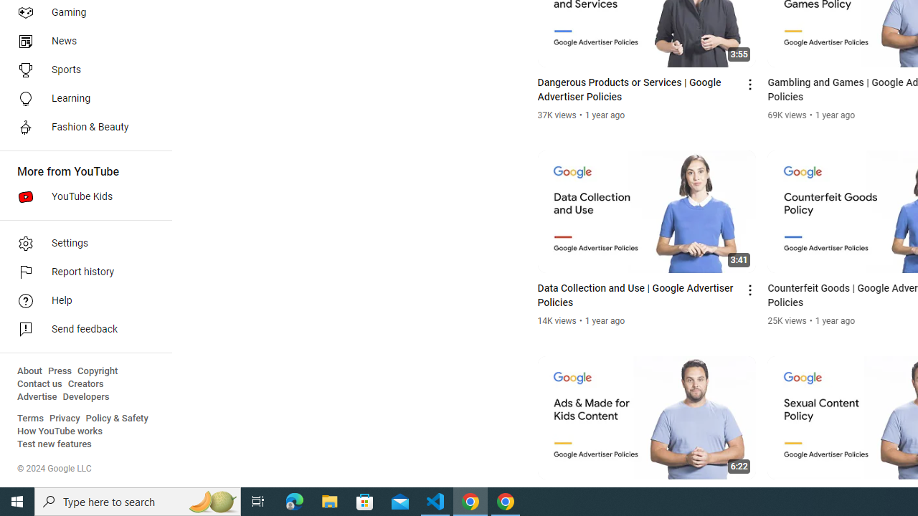 This screenshot has height=516, width=918. What do you see at coordinates (85, 397) in the screenshot?
I see `'Developers'` at bounding box center [85, 397].